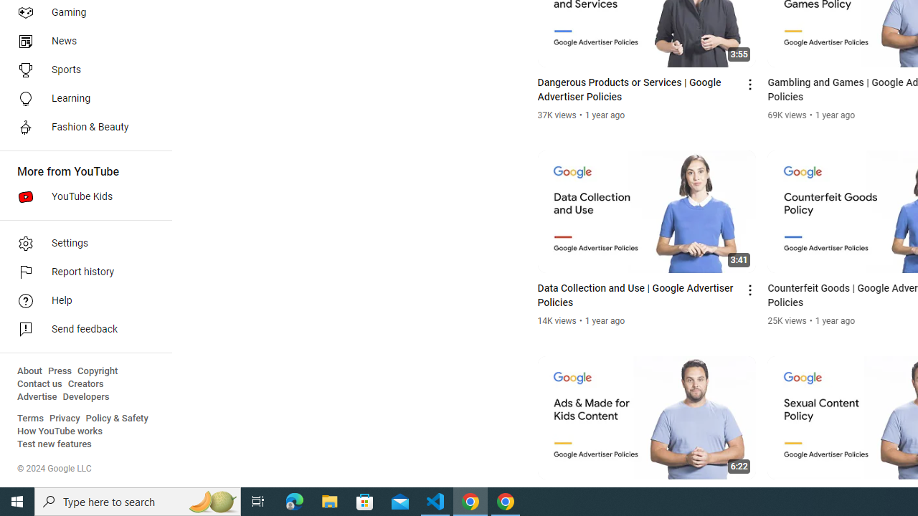 This screenshot has height=516, width=918. What do you see at coordinates (85, 397) in the screenshot?
I see `'Developers'` at bounding box center [85, 397].